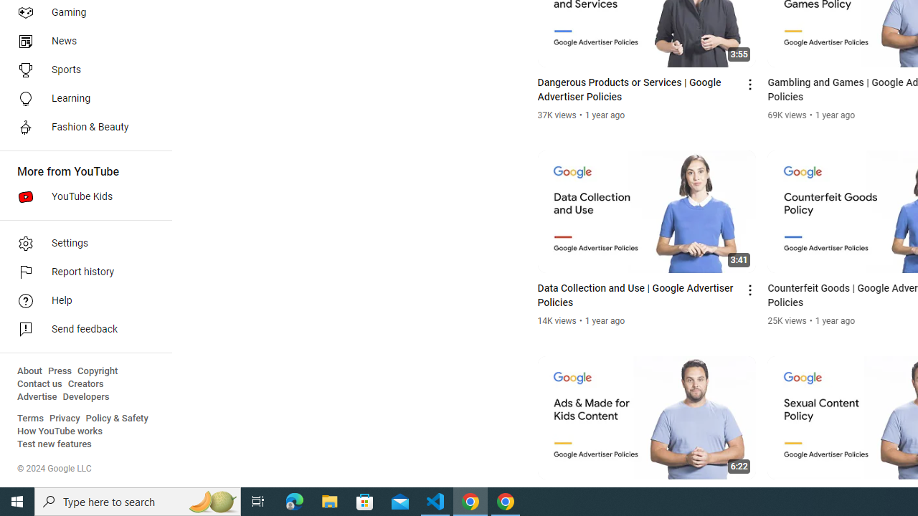 This screenshot has height=516, width=918. What do you see at coordinates (85, 397) in the screenshot?
I see `'Developers'` at bounding box center [85, 397].